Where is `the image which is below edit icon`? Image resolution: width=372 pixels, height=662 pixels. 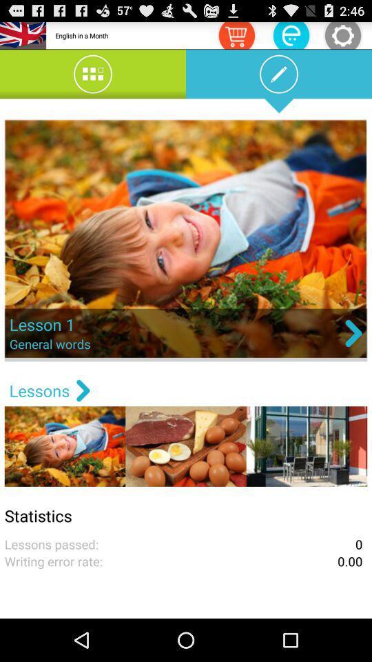
the image which is below edit icon is located at coordinates (186, 240).